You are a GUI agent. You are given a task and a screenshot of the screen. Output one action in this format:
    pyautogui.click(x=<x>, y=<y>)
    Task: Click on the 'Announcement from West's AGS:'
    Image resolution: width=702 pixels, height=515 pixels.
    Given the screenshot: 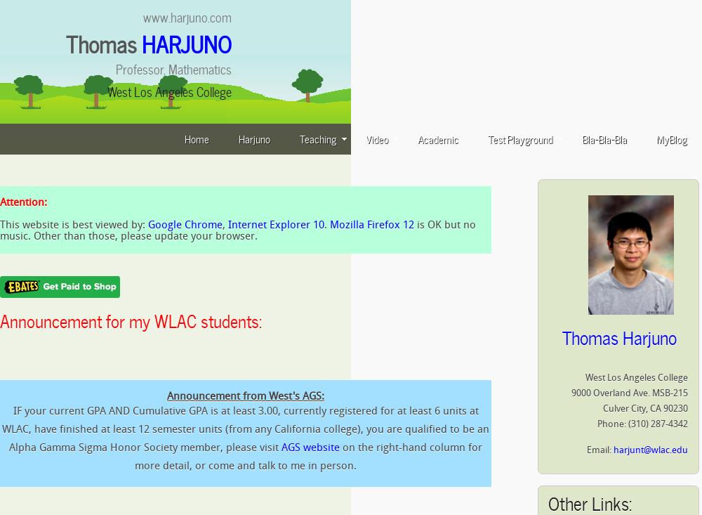 What is the action you would take?
    pyautogui.click(x=166, y=396)
    